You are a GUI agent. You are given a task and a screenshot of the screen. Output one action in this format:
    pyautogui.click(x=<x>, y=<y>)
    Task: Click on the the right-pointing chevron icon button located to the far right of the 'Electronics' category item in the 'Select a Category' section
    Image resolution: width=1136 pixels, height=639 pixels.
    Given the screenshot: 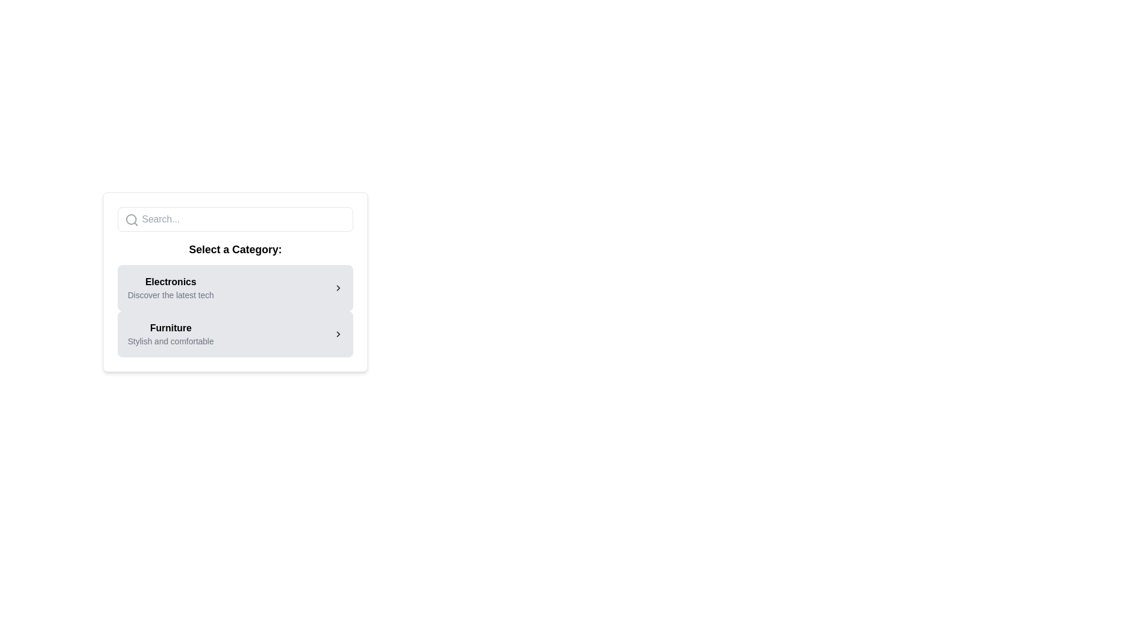 What is the action you would take?
    pyautogui.click(x=337, y=288)
    